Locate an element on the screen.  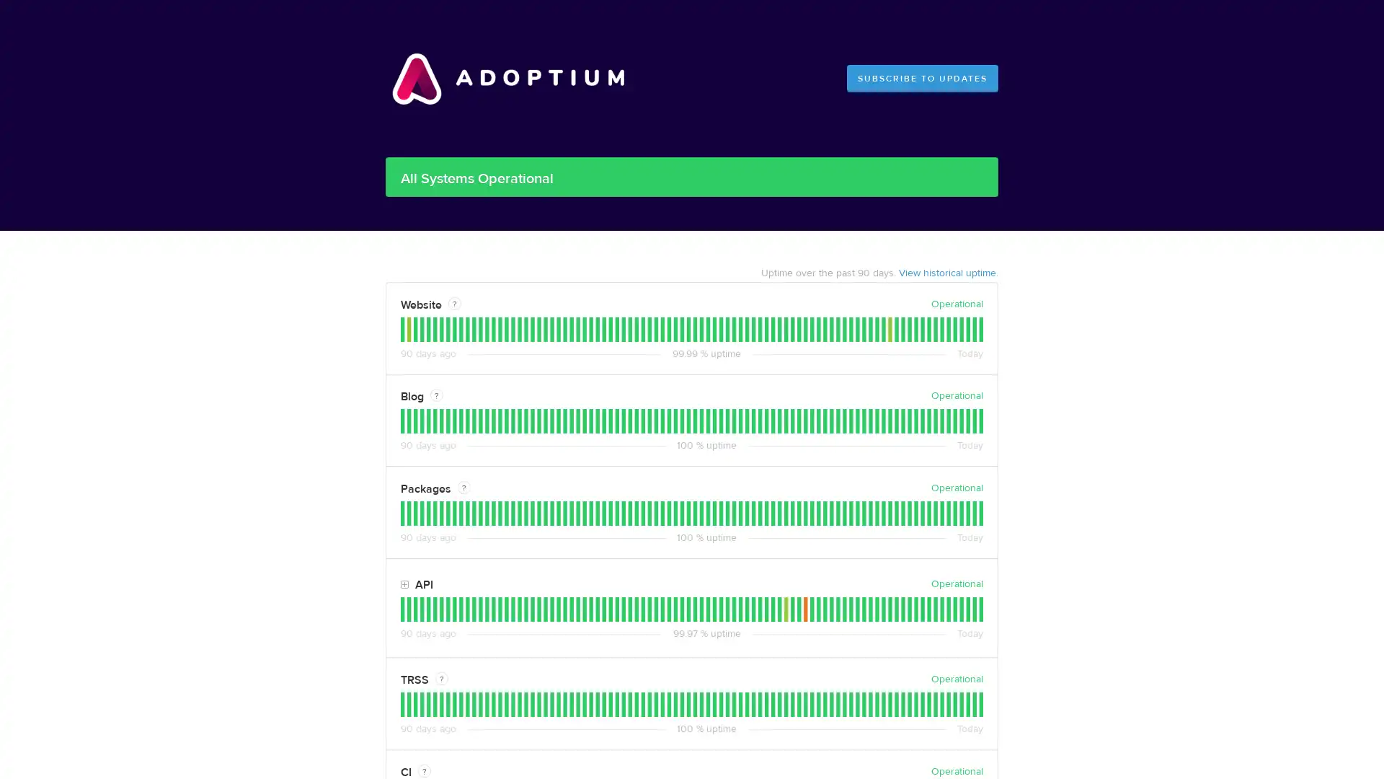
Toggle API is located at coordinates (404, 584).